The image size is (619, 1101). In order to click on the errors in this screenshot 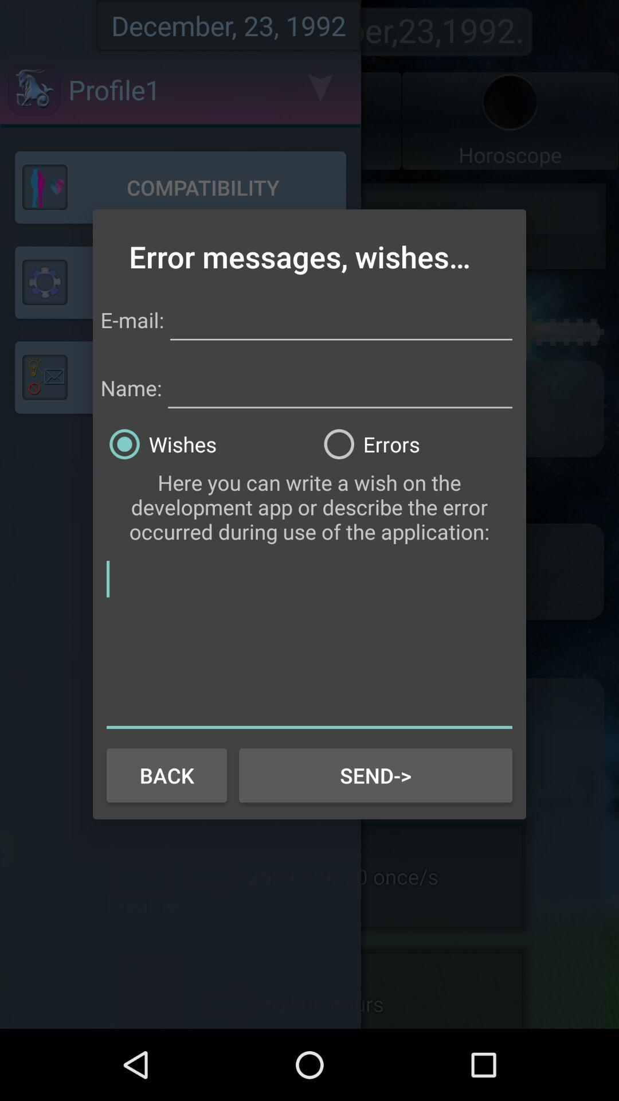, I will do `click(417, 443)`.